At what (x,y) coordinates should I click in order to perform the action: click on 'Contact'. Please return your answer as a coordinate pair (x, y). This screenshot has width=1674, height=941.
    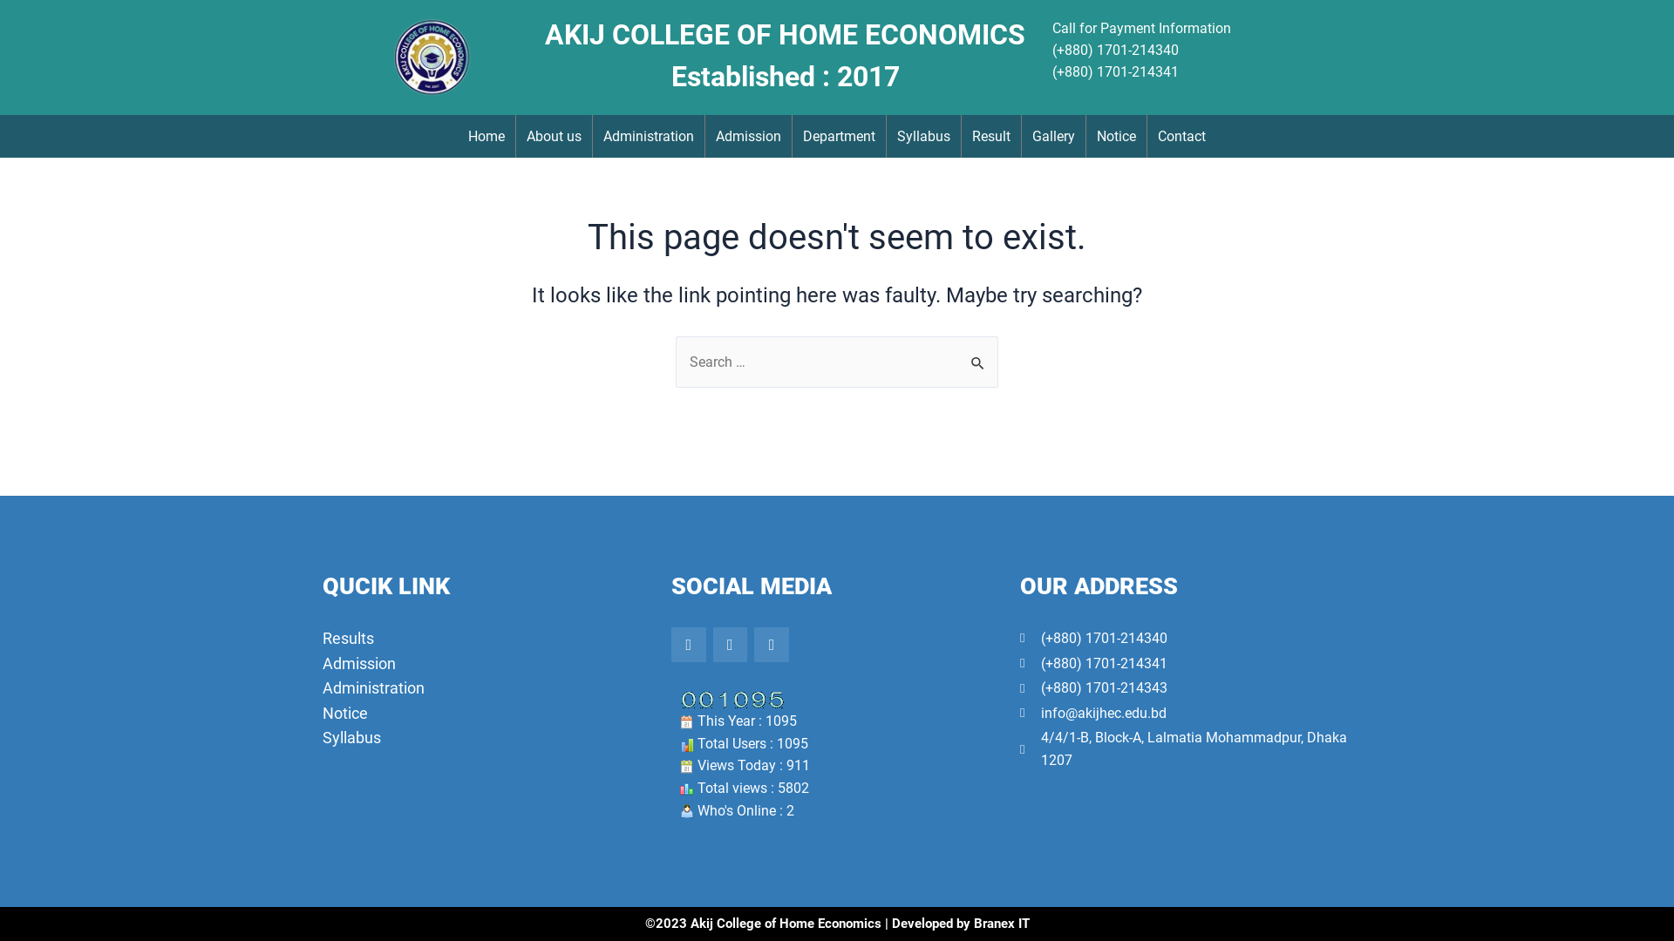
    Looking at the image, I should click on (1181, 135).